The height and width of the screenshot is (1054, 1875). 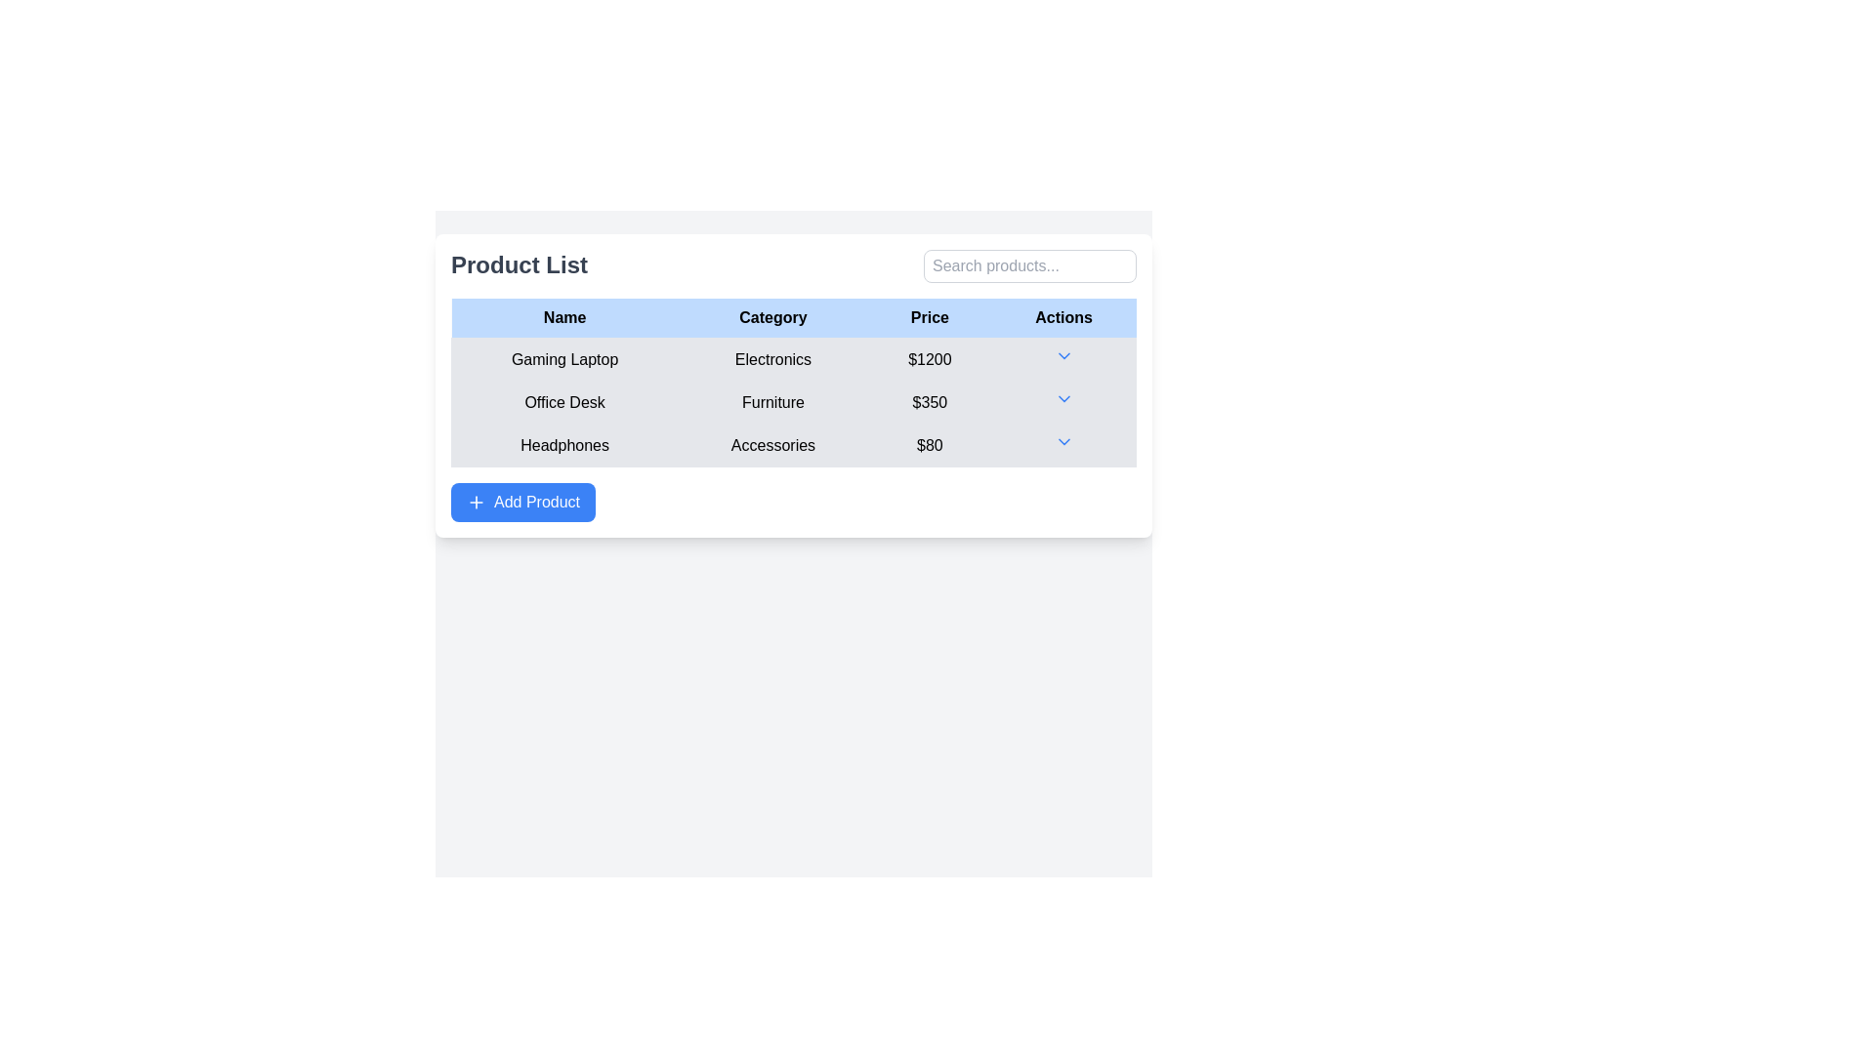 What do you see at coordinates (793, 445) in the screenshot?
I see `the third row in the product table for further actions like editing or deleting` at bounding box center [793, 445].